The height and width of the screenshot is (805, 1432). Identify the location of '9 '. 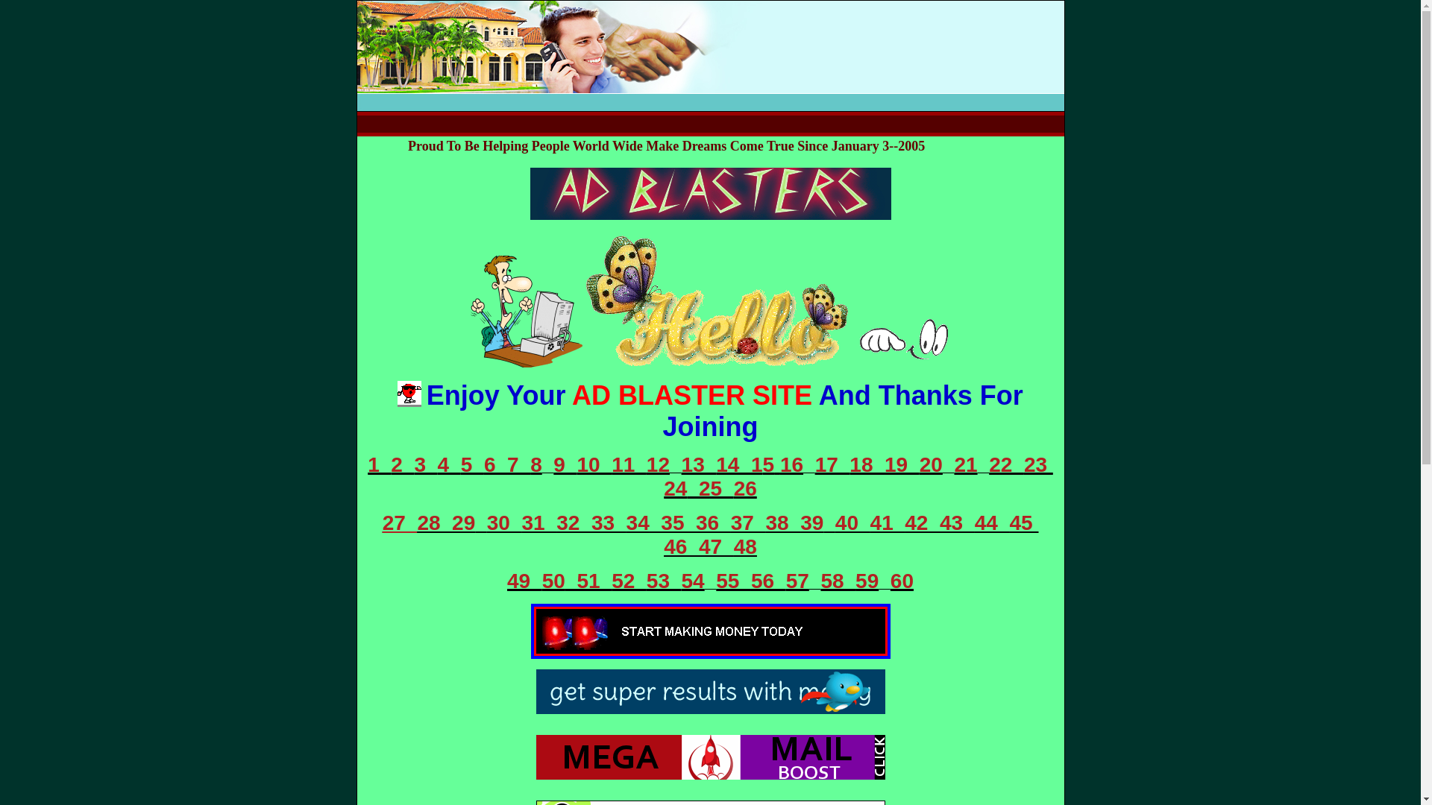
(564, 464).